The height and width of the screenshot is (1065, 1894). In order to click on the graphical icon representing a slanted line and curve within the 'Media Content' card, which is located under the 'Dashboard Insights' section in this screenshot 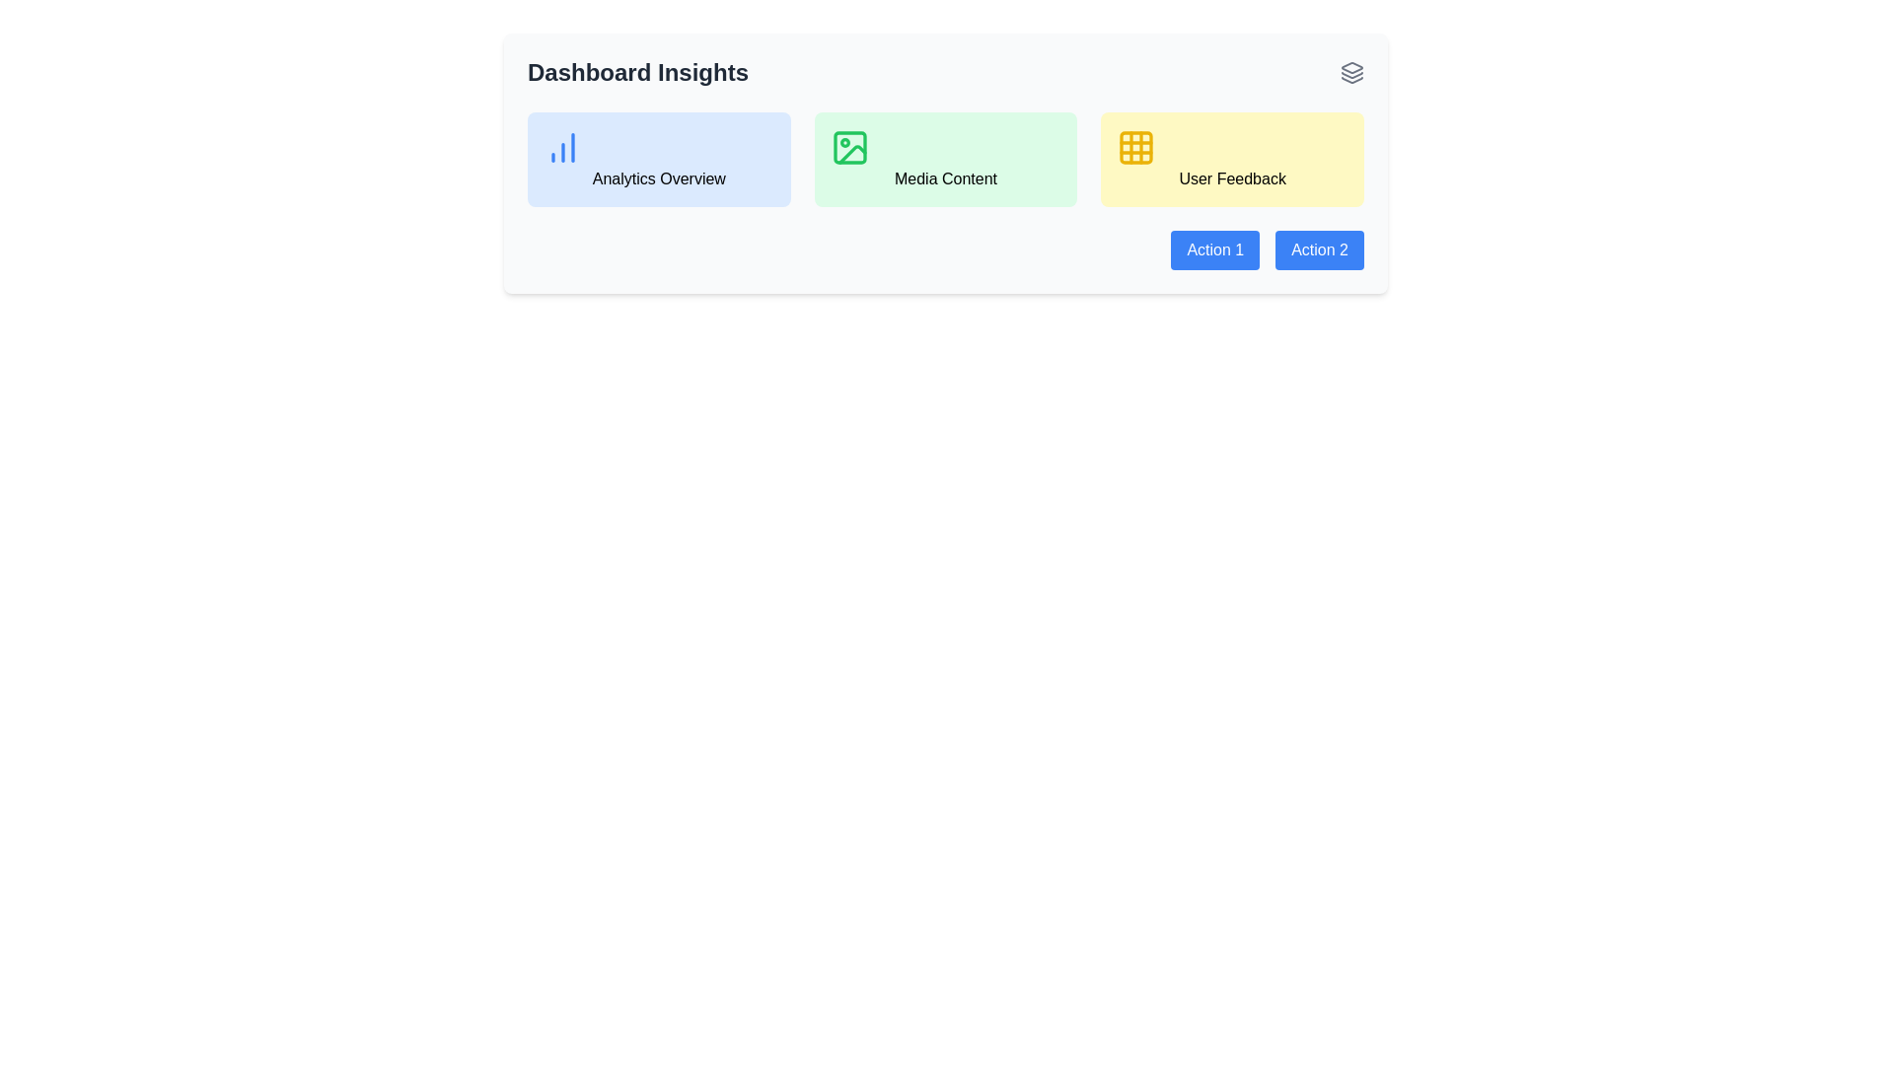, I will do `click(852, 153)`.